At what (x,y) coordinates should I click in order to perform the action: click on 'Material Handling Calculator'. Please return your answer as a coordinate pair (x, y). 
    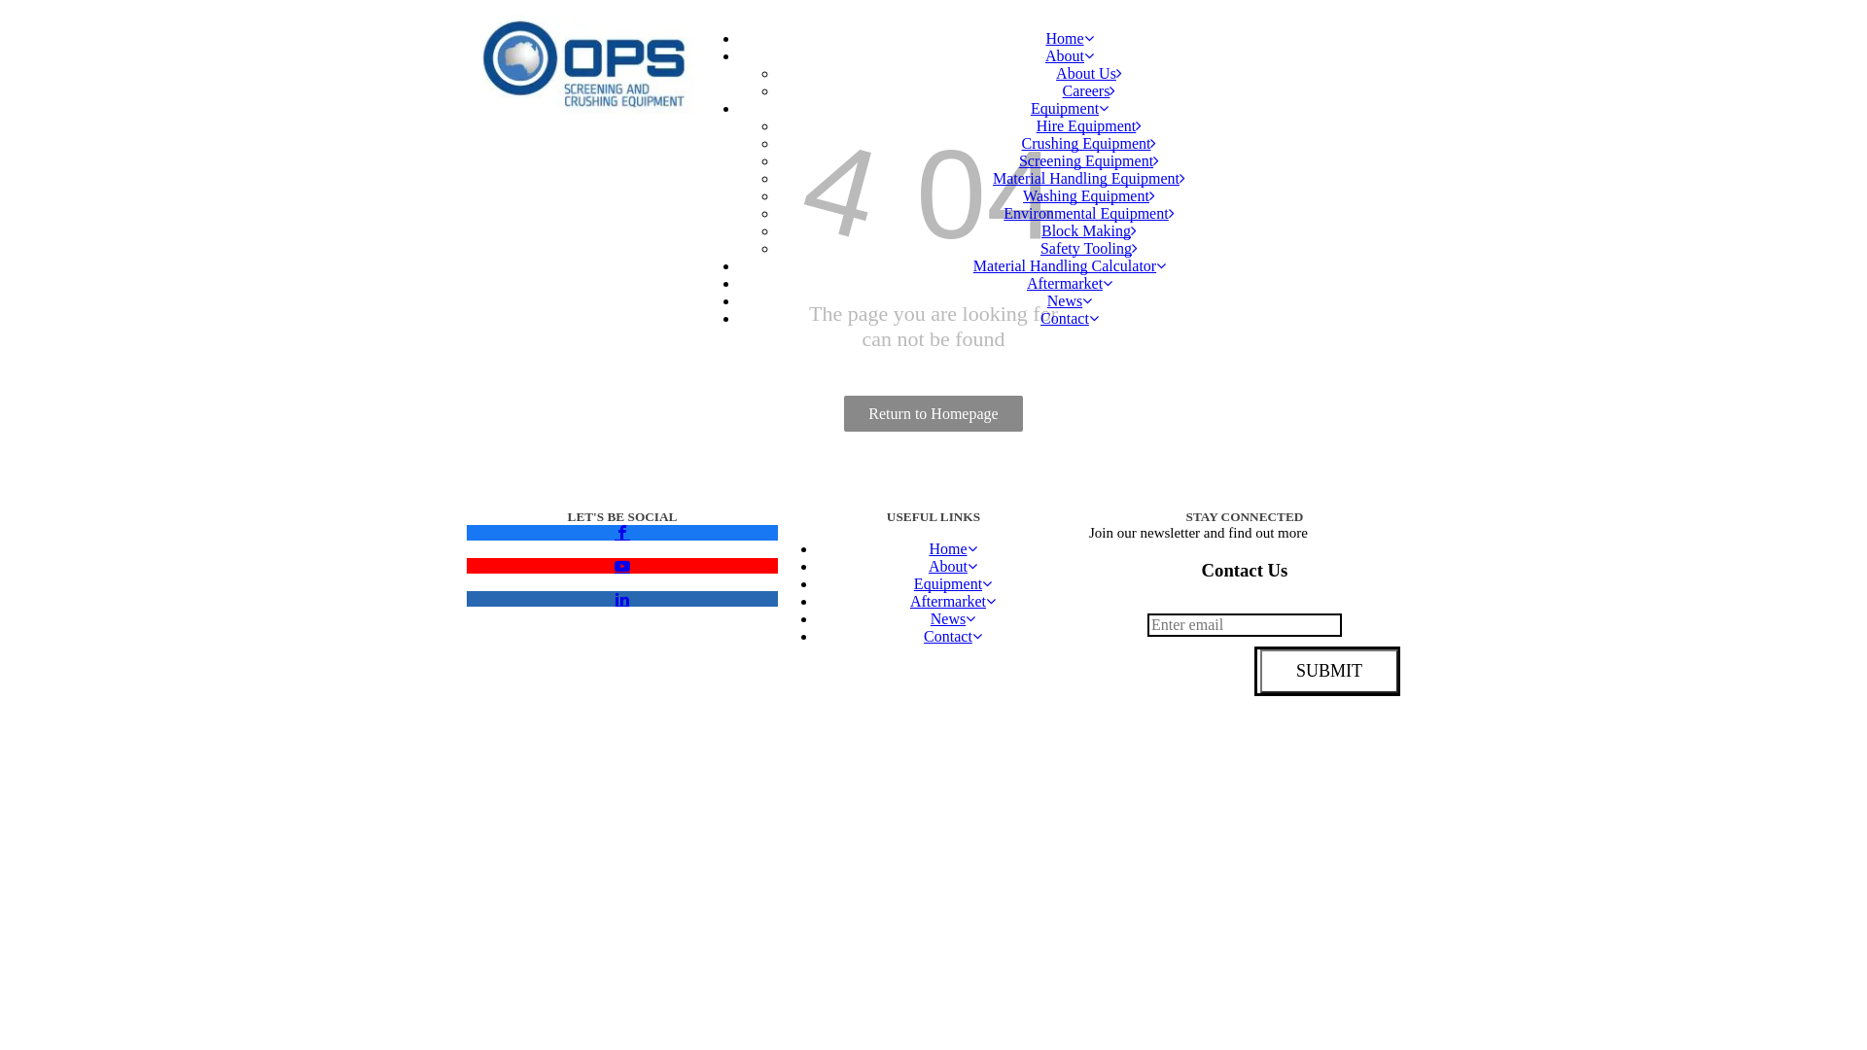
    Looking at the image, I should click on (1068, 265).